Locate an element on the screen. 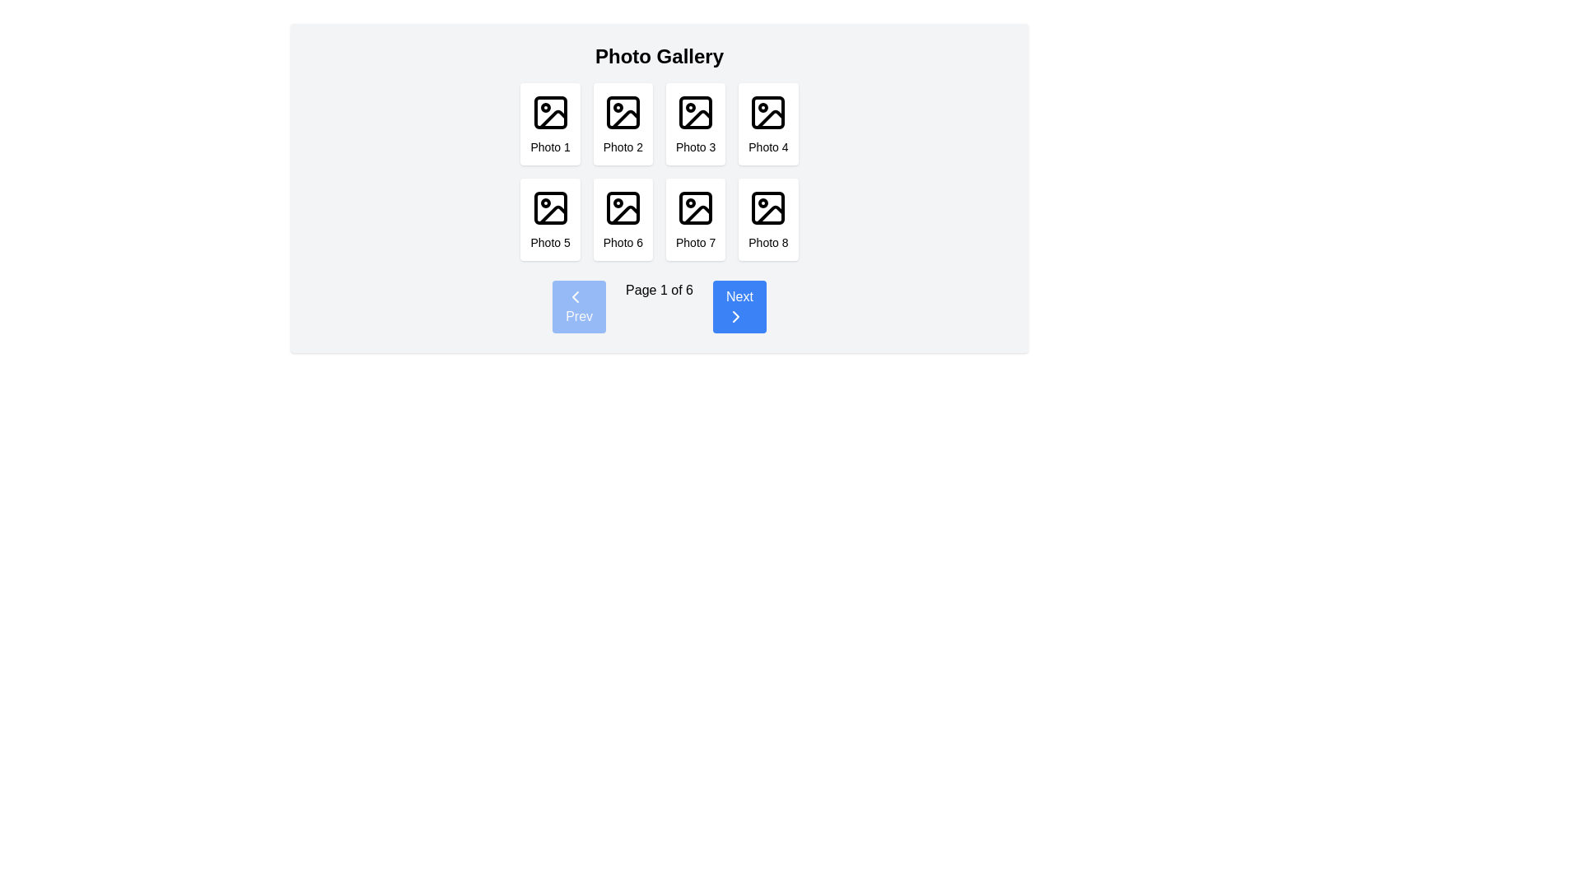 Image resolution: width=1581 pixels, height=889 pixels. the List item representing 'Photo 8' located in the bottom-right corner of the grid layout is located at coordinates (767, 218).